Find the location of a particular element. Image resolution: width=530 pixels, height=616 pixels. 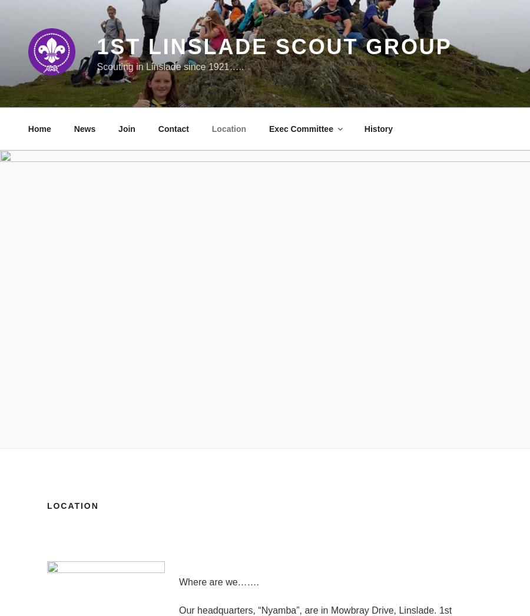

'1st Linslade Scout Group' is located at coordinates (273, 47).